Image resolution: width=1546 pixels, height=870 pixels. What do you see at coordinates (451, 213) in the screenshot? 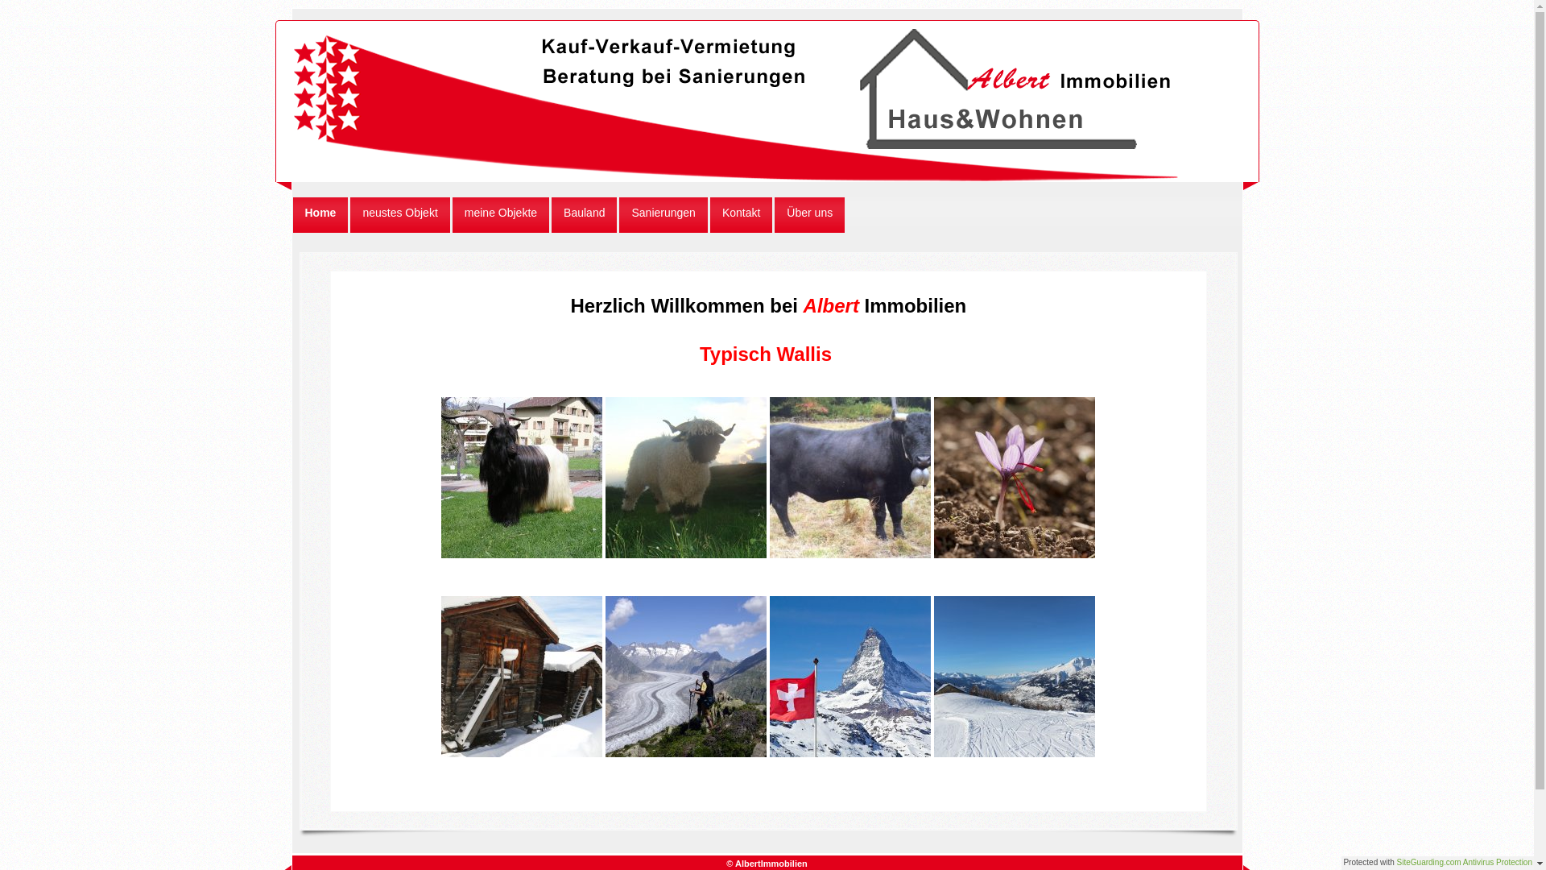
I see `'meine Objekte'` at bounding box center [451, 213].